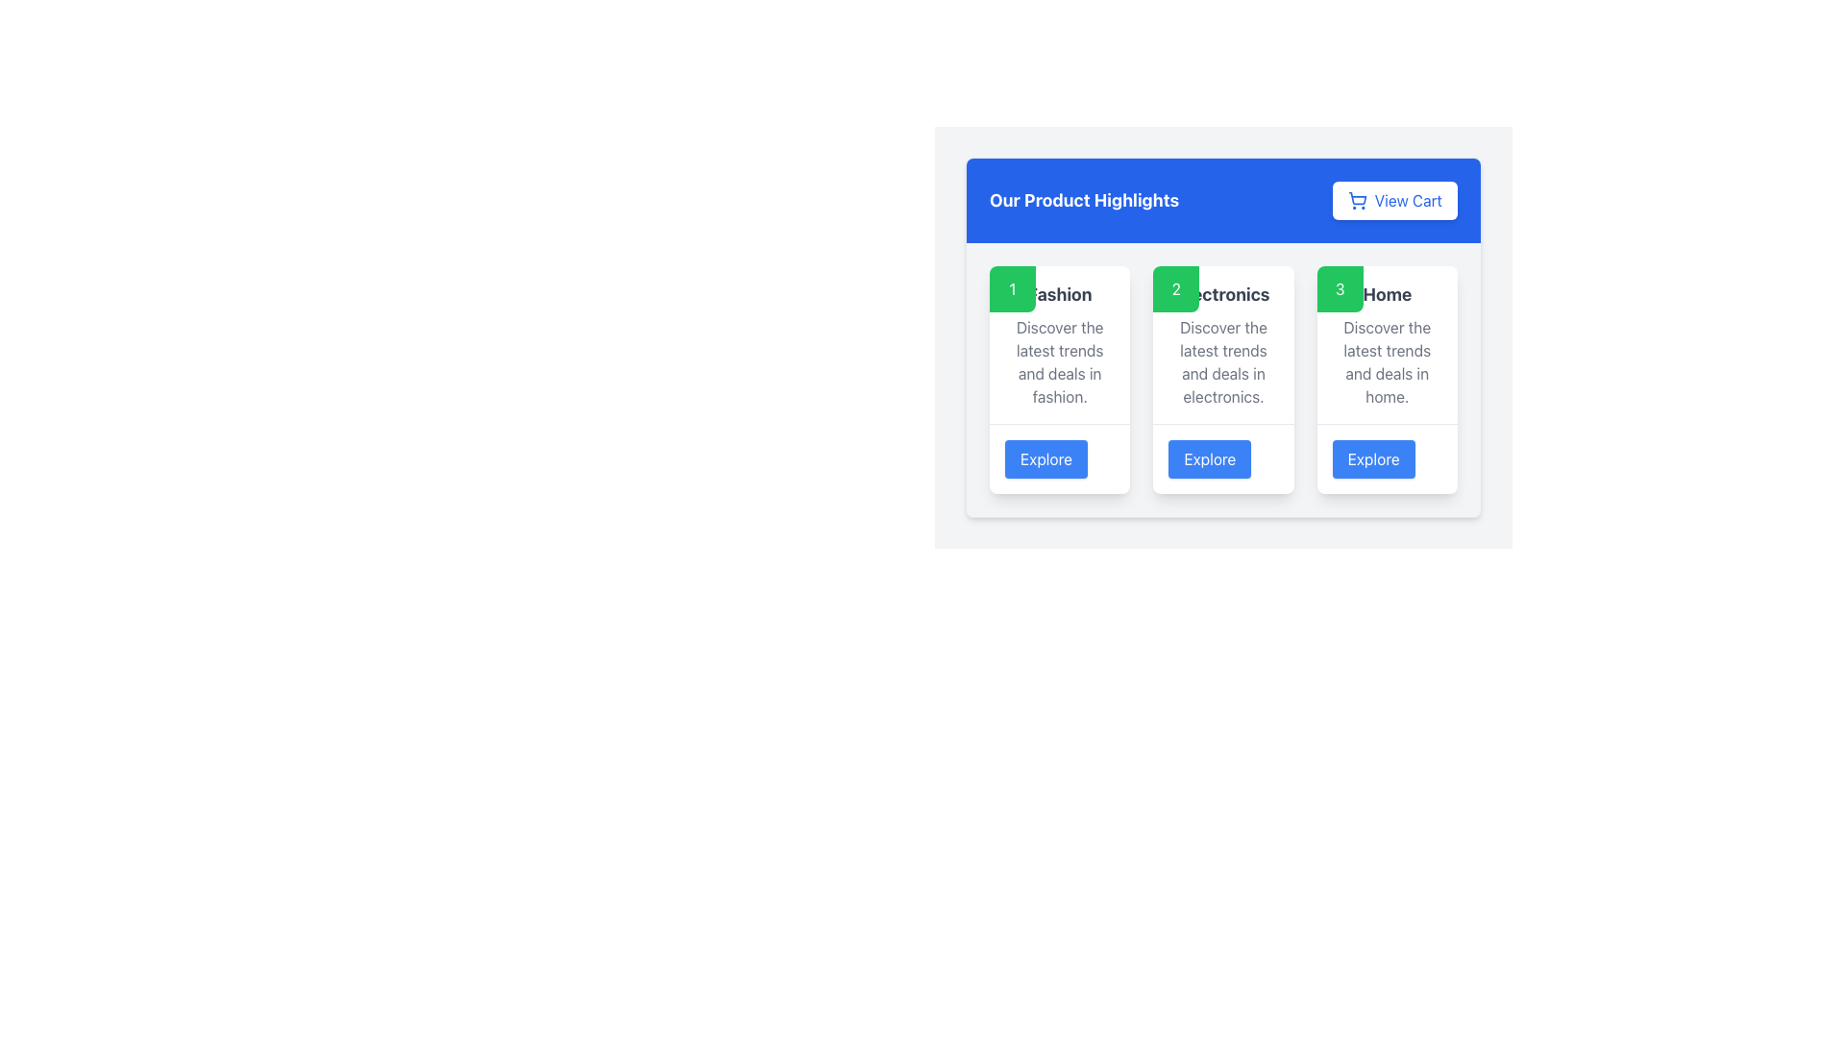 This screenshot has width=1845, height=1038. I want to click on the text block that reads 'Discover the latest trends and deals in electronics.' located in the middle card of the three-card layout under 'Our Product Highlights', positioned below 'Electronics' and above the 'Explore' button, so click(1222, 362).